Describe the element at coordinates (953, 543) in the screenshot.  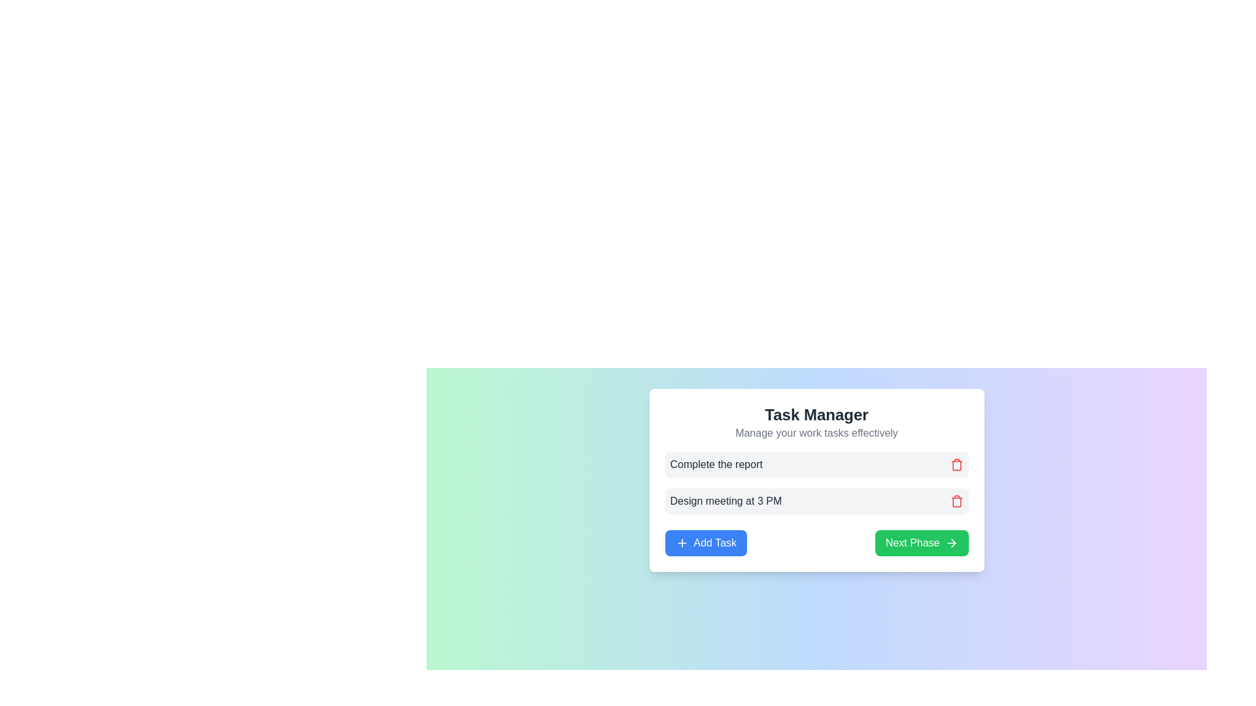
I see `the right arrow icon within the green 'Next Phase' button in the lower-right corner of the card interface, which indicates advancing to the next step in a multi-step process` at that location.